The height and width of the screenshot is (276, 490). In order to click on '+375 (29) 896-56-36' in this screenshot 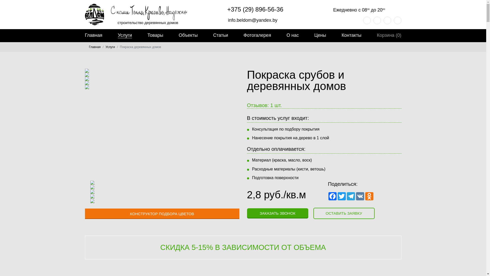, I will do `click(251, 9)`.